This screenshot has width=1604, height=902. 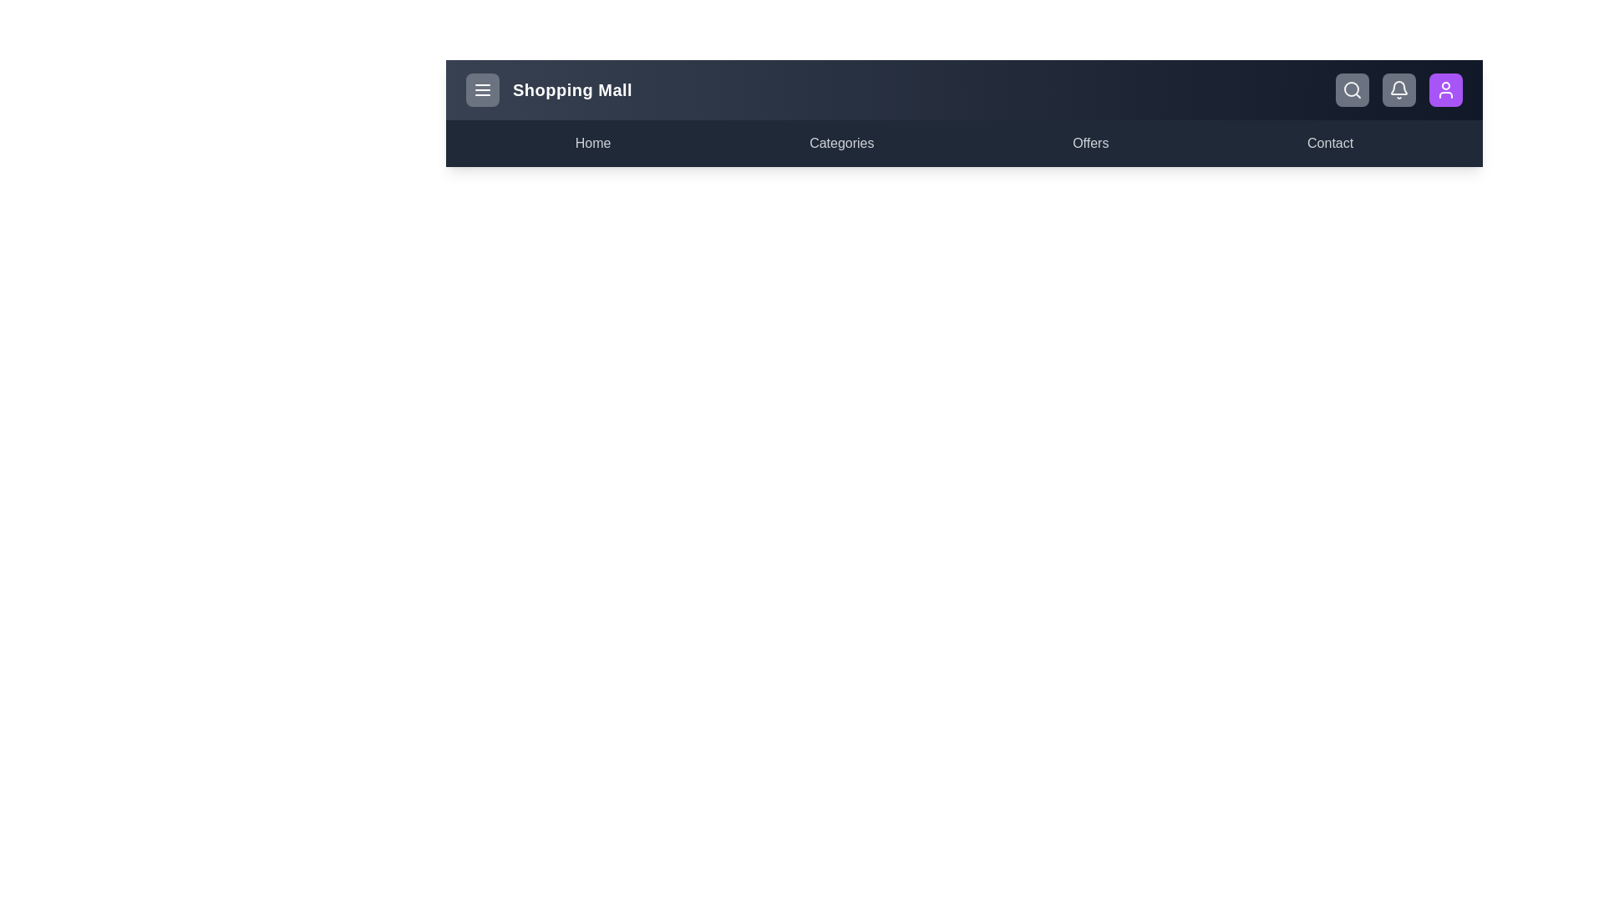 What do you see at coordinates (1352, 90) in the screenshot?
I see `the search button` at bounding box center [1352, 90].